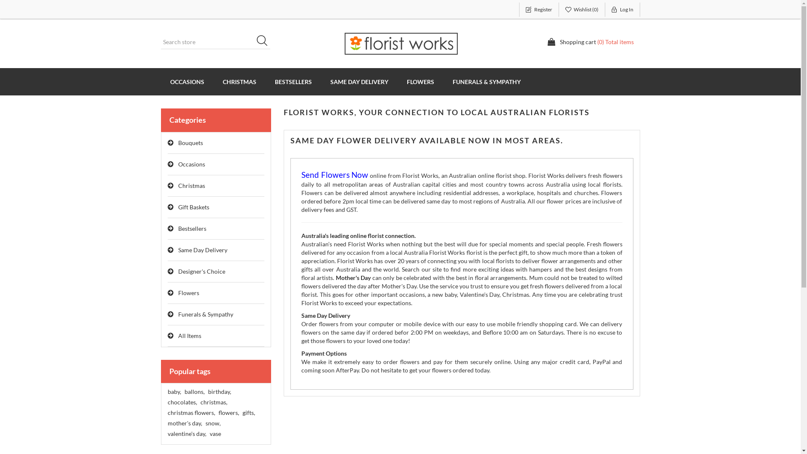 The image size is (807, 454). What do you see at coordinates (216, 272) in the screenshot?
I see `'Designer's Choice'` at bounding box center [216, 272].